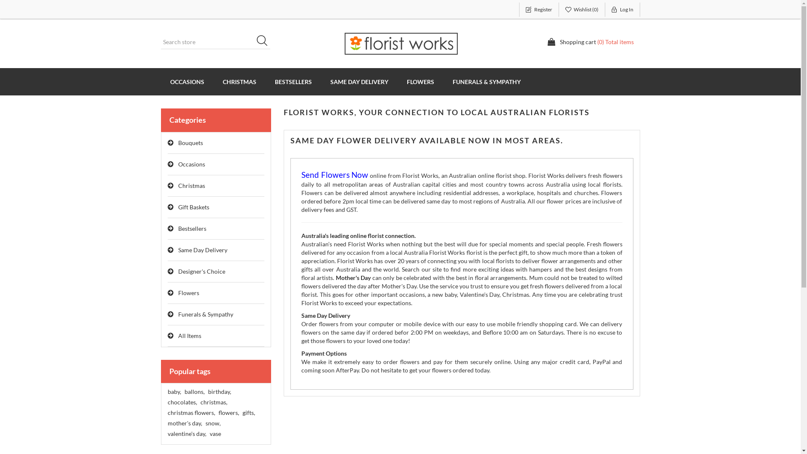 The image size is (807, 454). What do you see at coordinates (216, 272) in the screenshot?
I see `'Designer's Choice'` at bounding box center [216, 272].